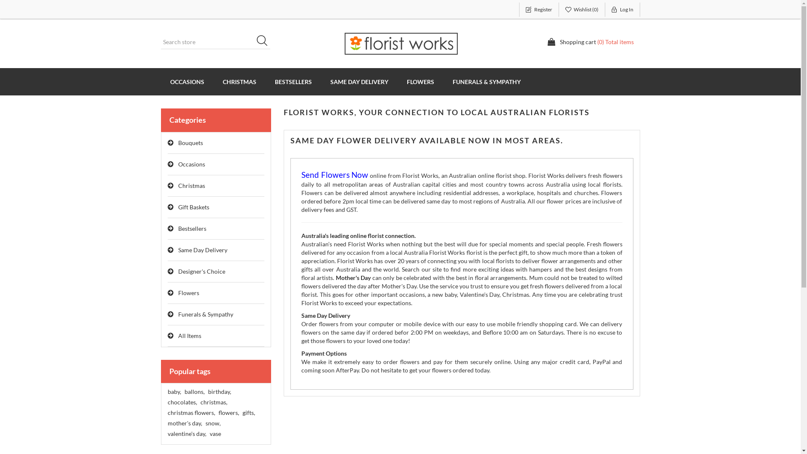 The image size is (807, 454). What do you see at coordinates (216, 272) in the screenshot?
I see `'Designer's Choice'` at bounding box center [216, 272].